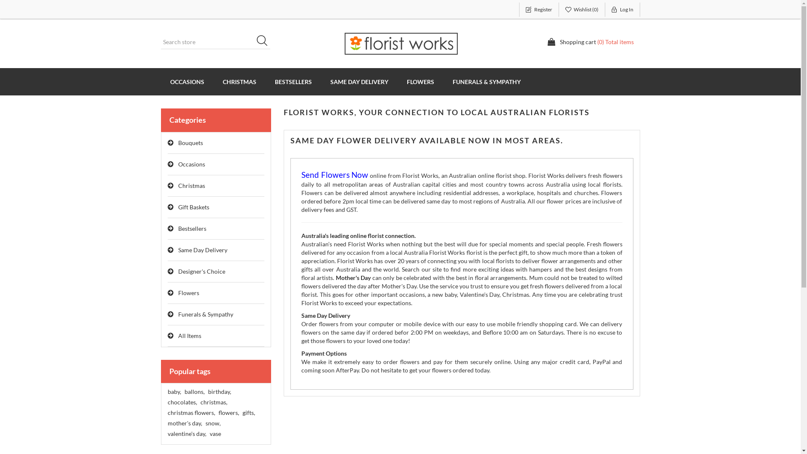 The image size is (807, 454). What do you see at coordinates (216, 272) in the screenshot?
I see `'Designer's Choice'` at bounding box center [216, 272].